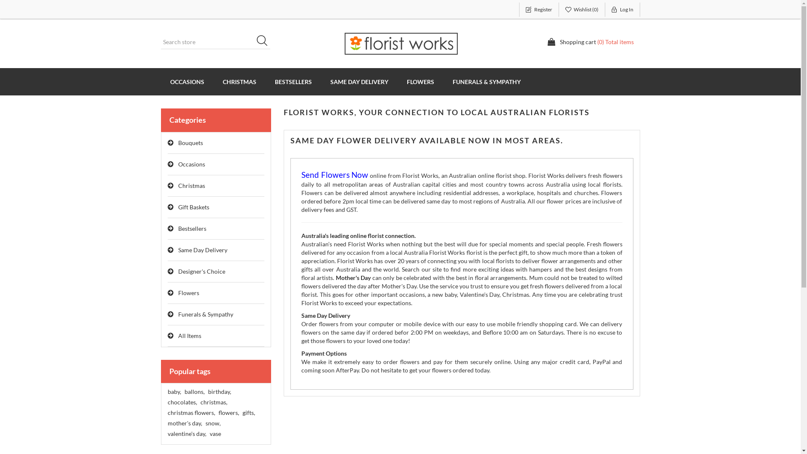 The image size is (807, 454). What do you see at coordinates (216, 272) in the screenshot?
I see `'Designer's Choice'` at bounding box center [216, 272].